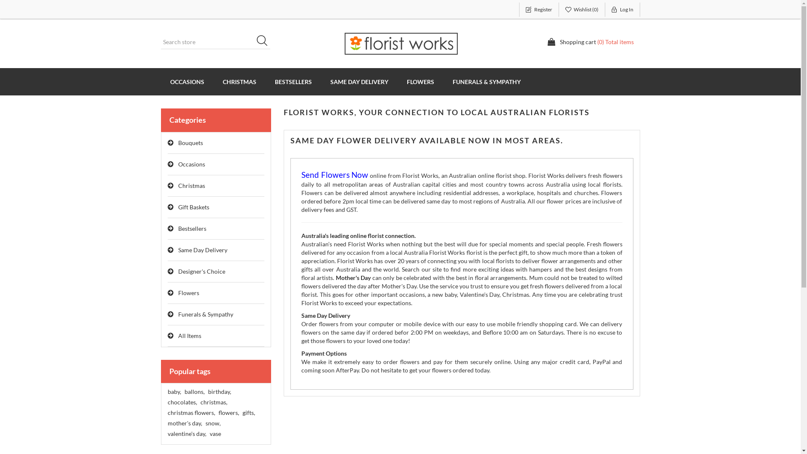 The image size is (807, 454). What do you see at coordinates (216, 272) in the screenshot?
I see `'Designer's Choice'` at bounding box center [216, 272].